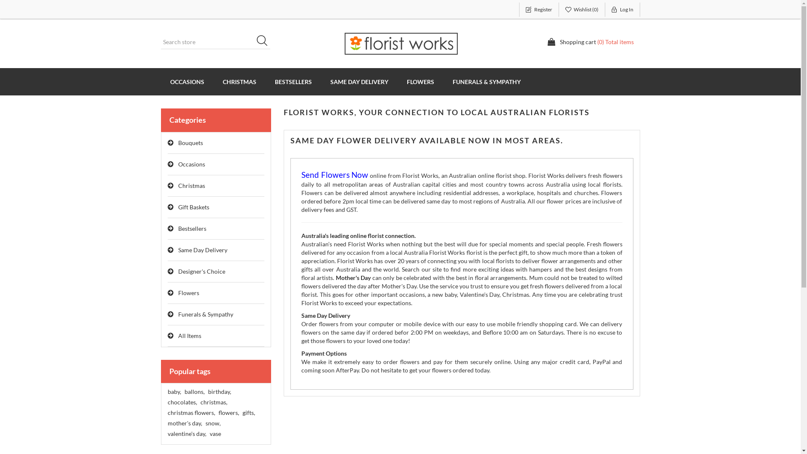 The image size is (807, 454). What do you see at coordinates (216, 272) in the screenshot?
I see `'Designer's Choice'` at bounding box center [216, 272].